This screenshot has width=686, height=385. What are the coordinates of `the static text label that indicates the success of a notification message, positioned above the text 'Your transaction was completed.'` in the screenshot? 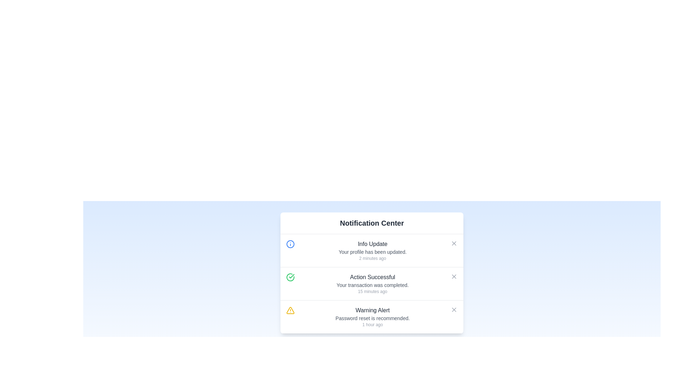 It's located at (372, 277).